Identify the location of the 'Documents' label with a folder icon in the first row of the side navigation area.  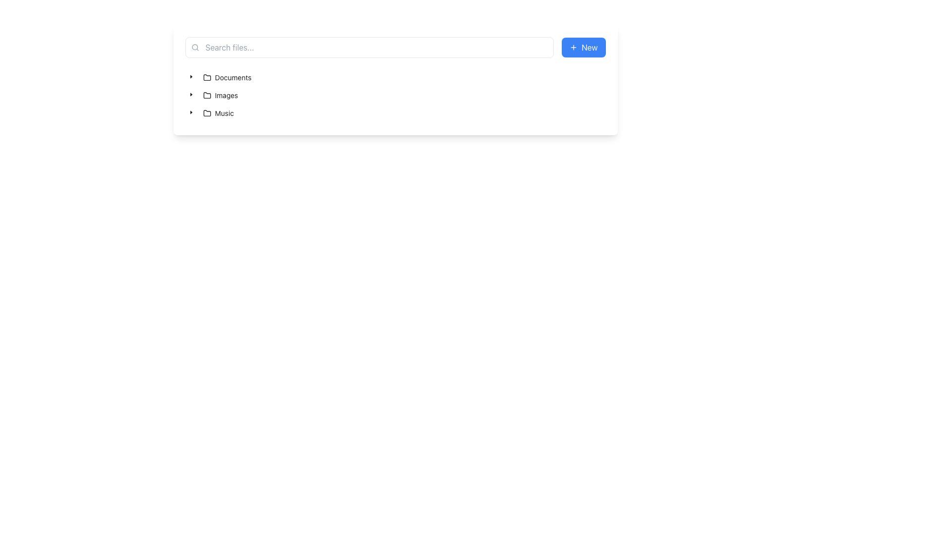
(227, 77).